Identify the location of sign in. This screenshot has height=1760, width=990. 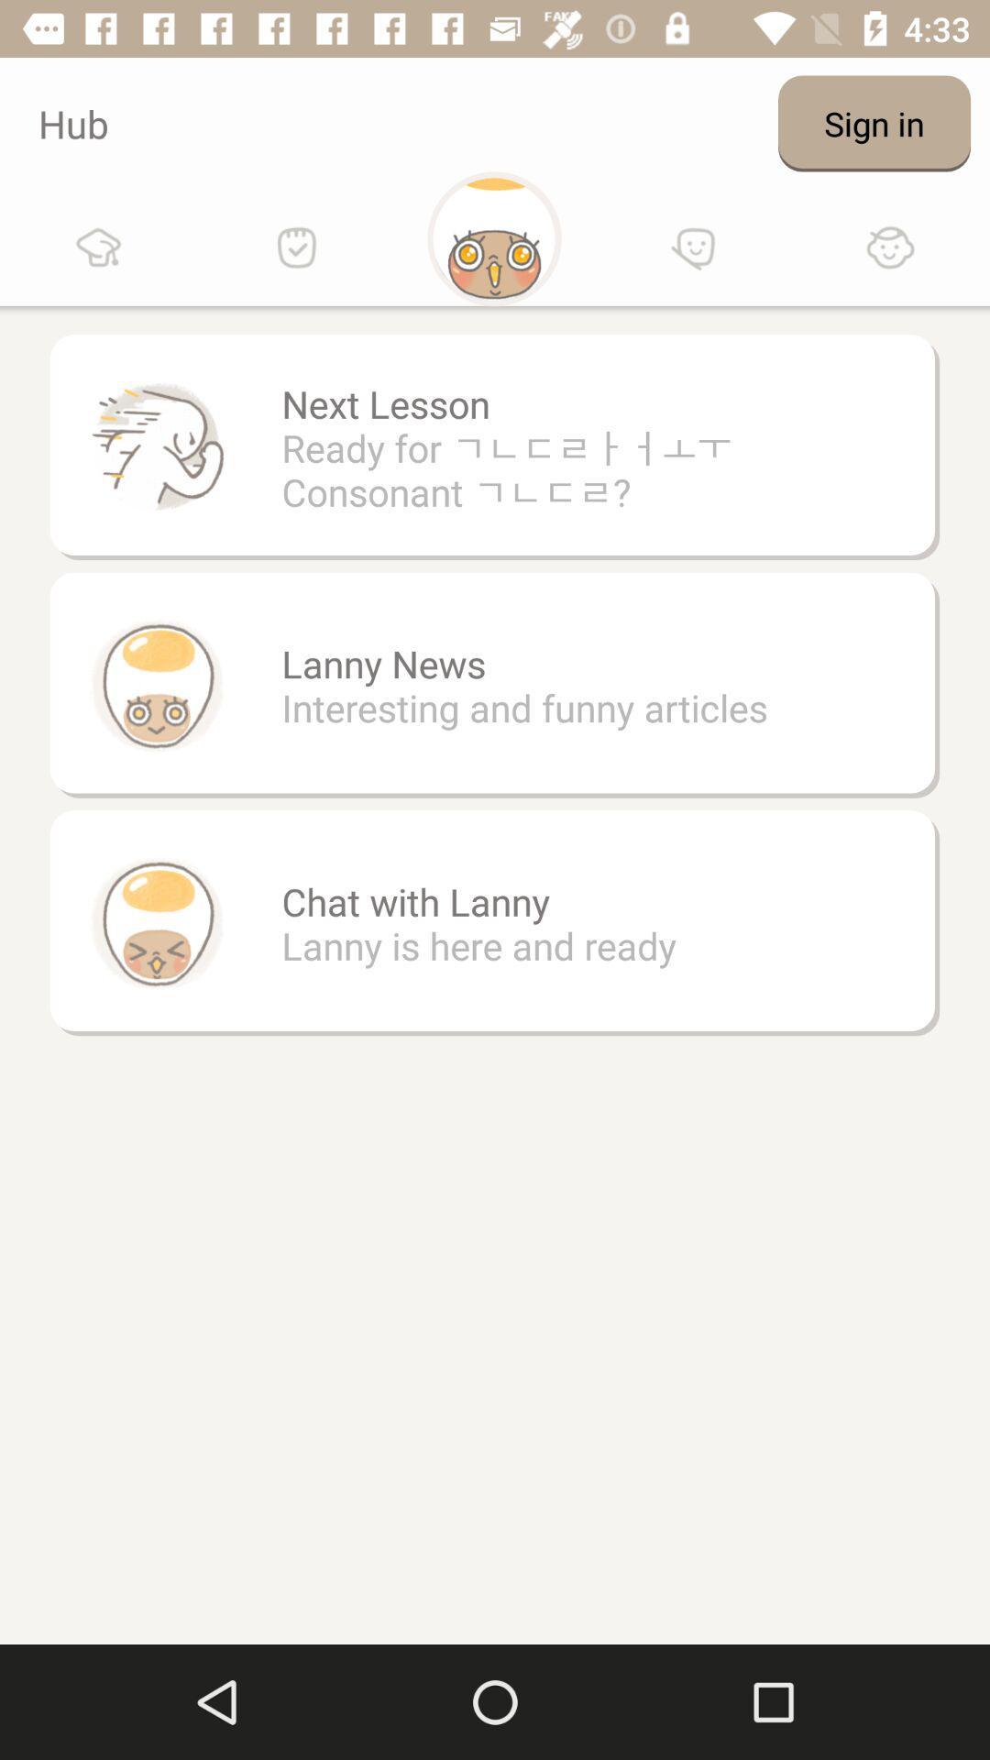
(873, 123).